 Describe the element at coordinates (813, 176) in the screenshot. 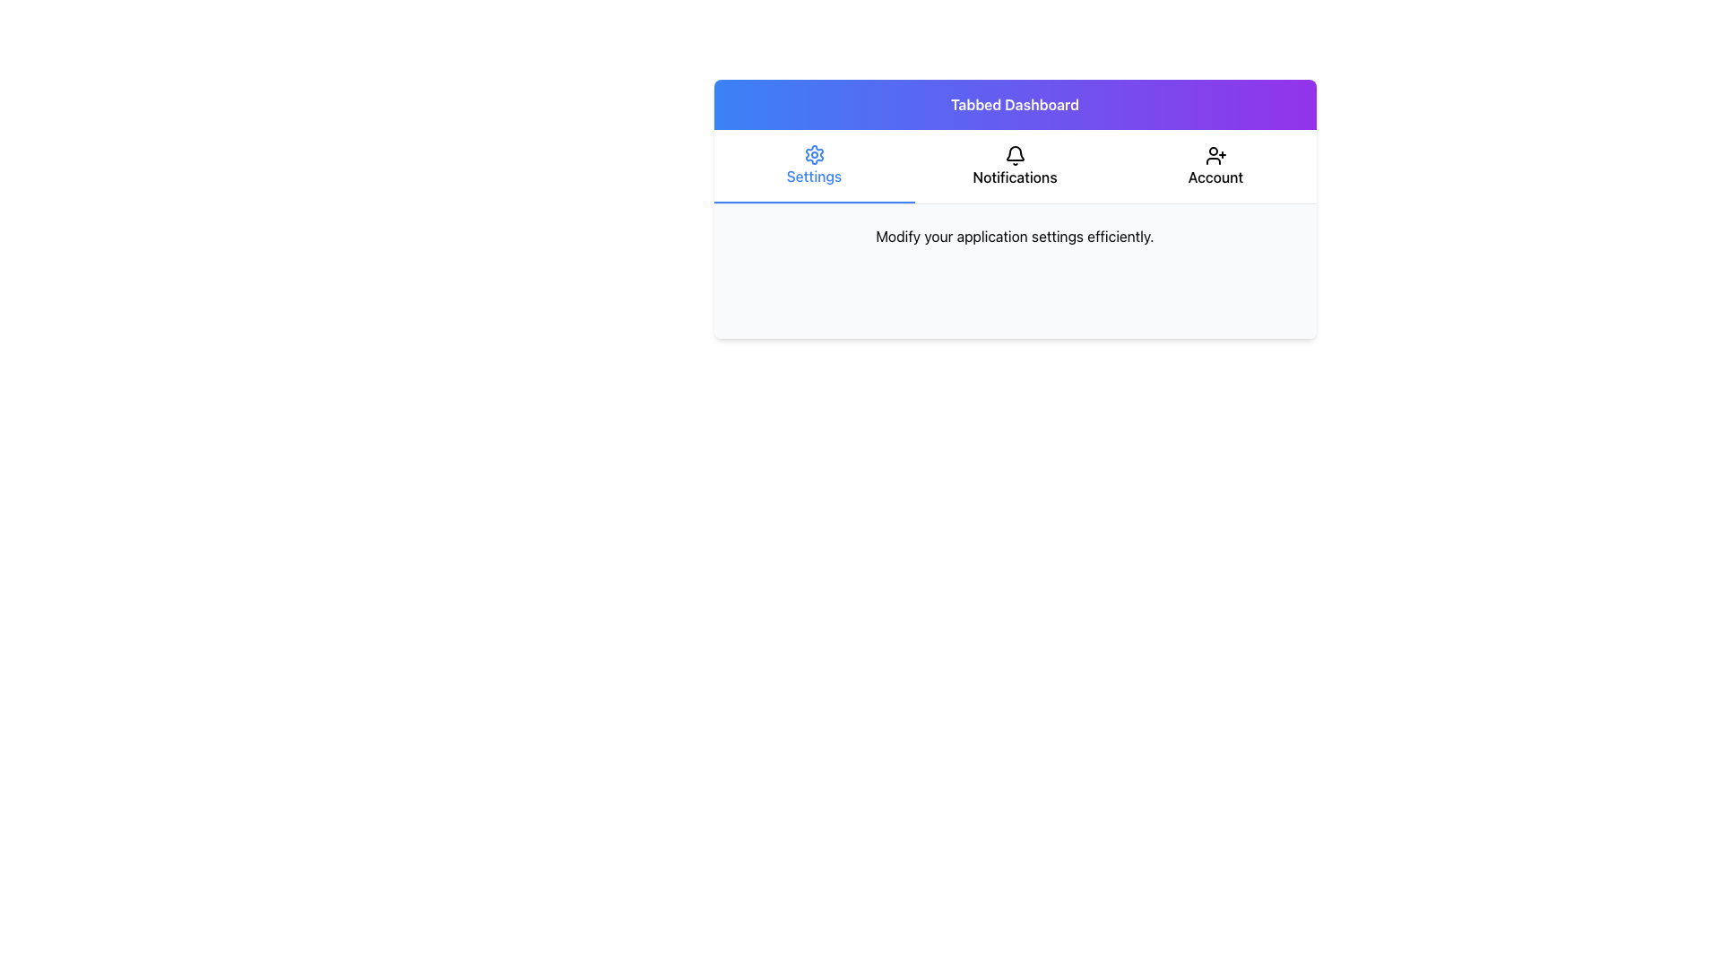

I see `the blue text label that reads 'Settings', which is centrally located below the gear icon in the leftmost tab of the navigation bar` at that location.